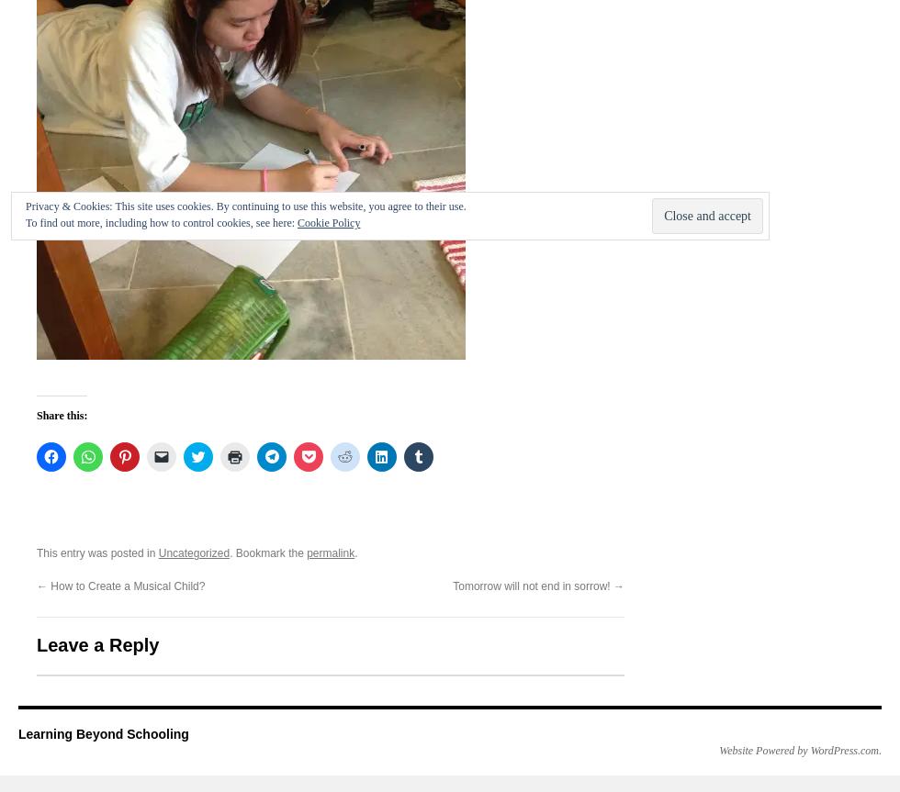  I want to click on 'To find out more, including how to control cookies, see here:', so click(162, 223).